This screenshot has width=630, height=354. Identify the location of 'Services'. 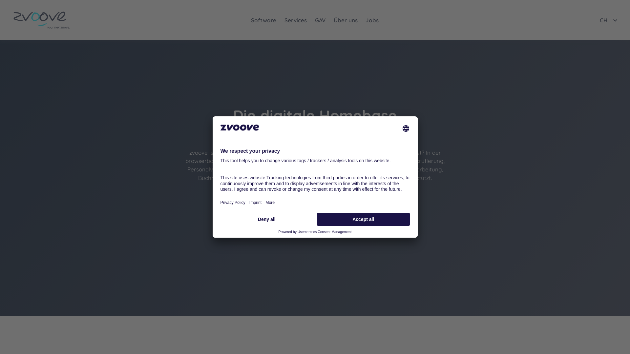
(295, 20).